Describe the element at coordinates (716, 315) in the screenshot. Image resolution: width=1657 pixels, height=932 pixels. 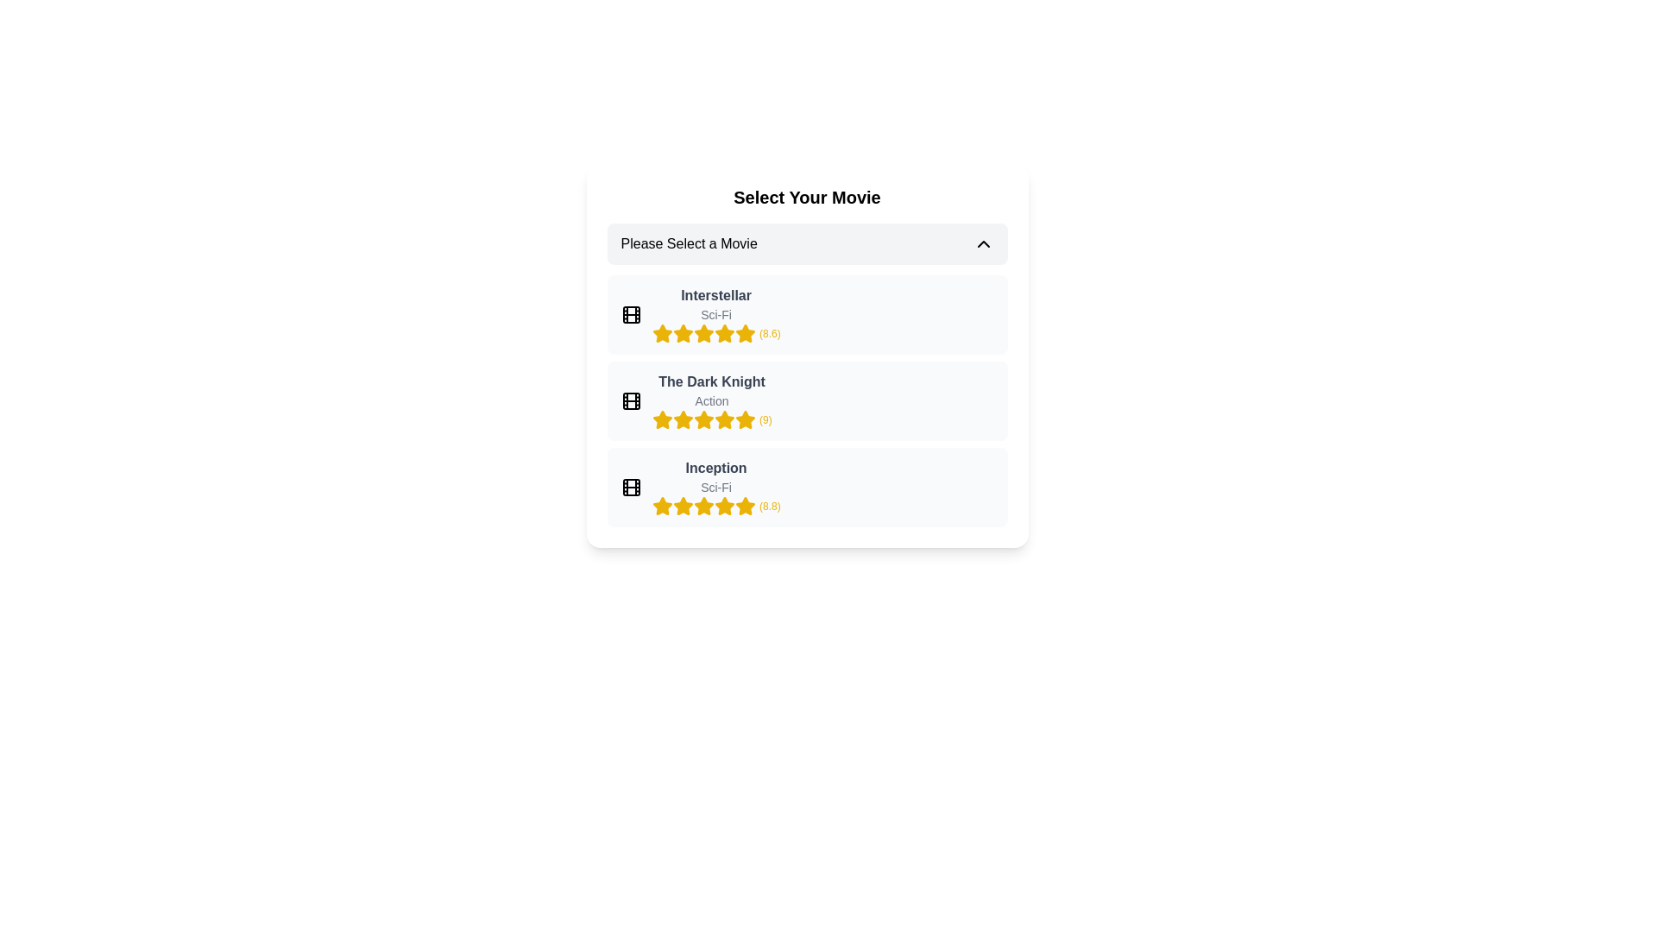
I see `the first movie option under 'Select Your Movie' that displays the movie title, genre, and rating` at that location.